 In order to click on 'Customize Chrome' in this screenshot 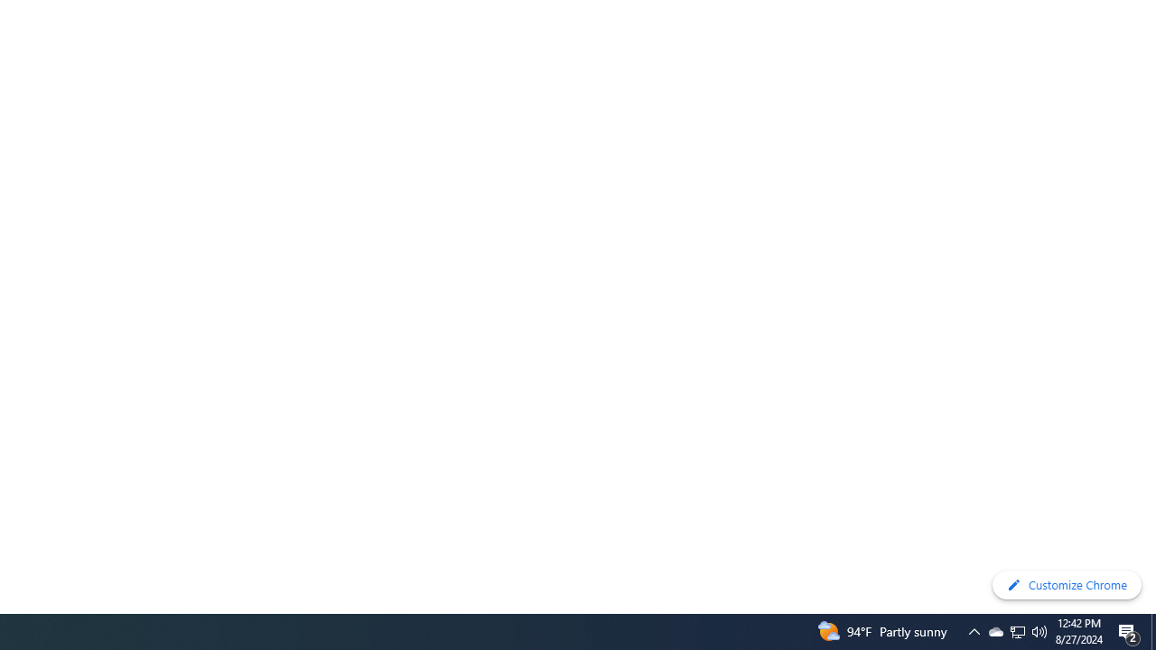, I will do `click(1067, 585)`.